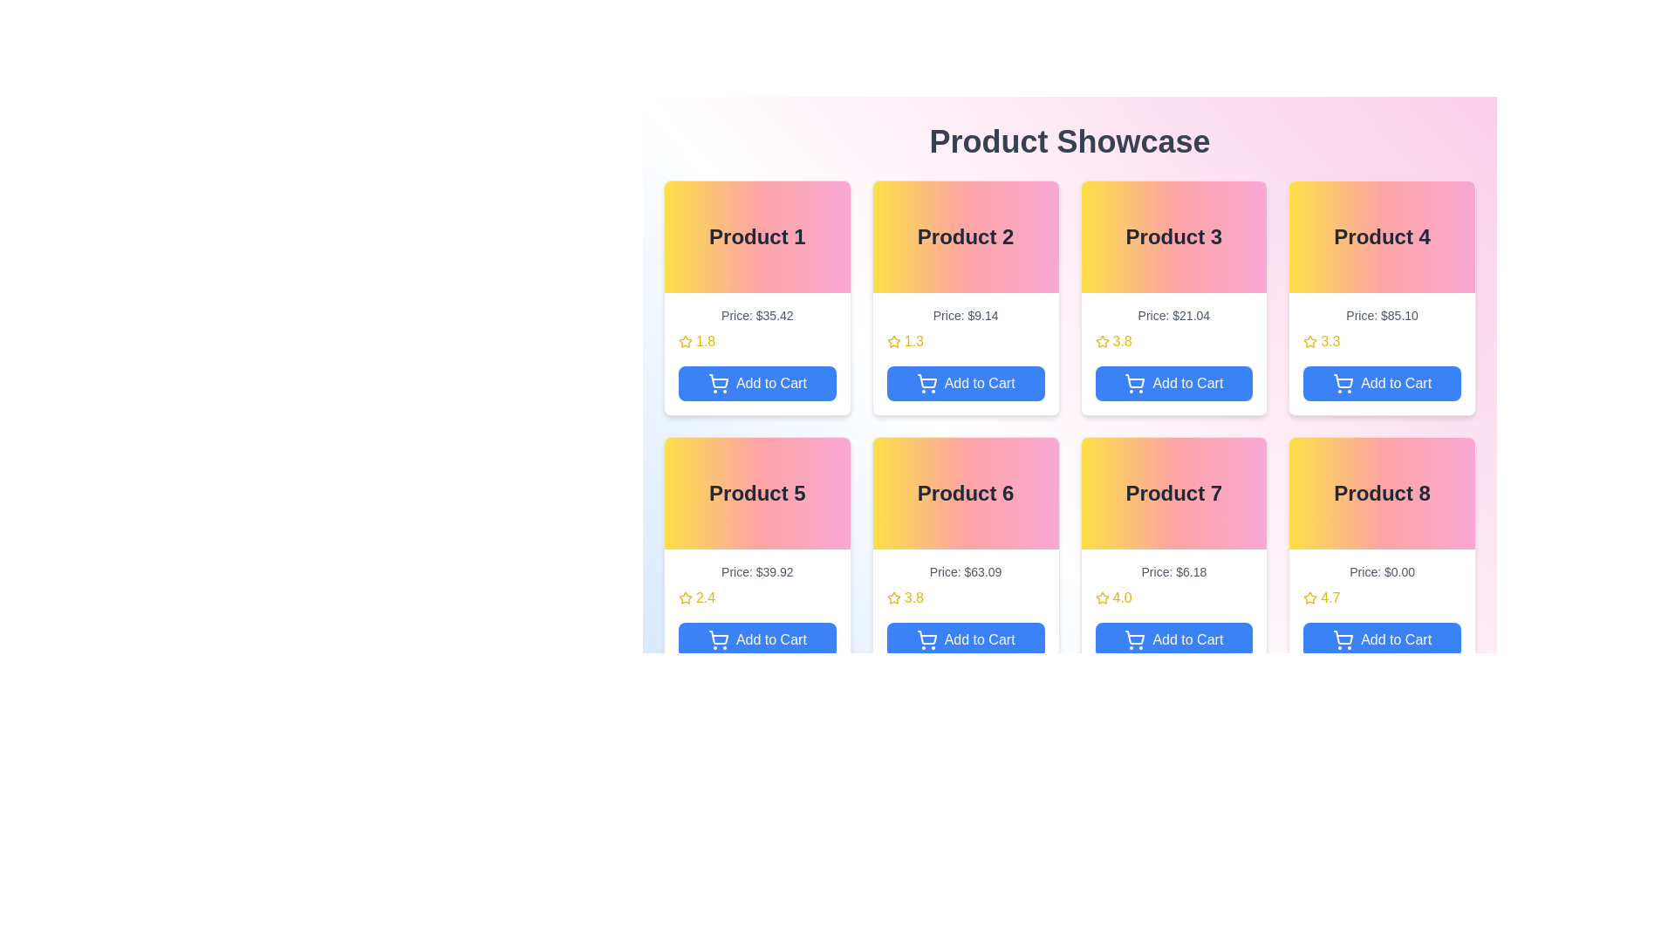 The width and height of the screenshot is (1675, 942). What do you see at coordinates (757, 571) in the screenshot?
I see `text content of the price label displaying 'Price: $39.92' located prominently inside the product card for 'Product 5' in the second row, first column of a 4x2 product grid` at bounding box center [757, 571].